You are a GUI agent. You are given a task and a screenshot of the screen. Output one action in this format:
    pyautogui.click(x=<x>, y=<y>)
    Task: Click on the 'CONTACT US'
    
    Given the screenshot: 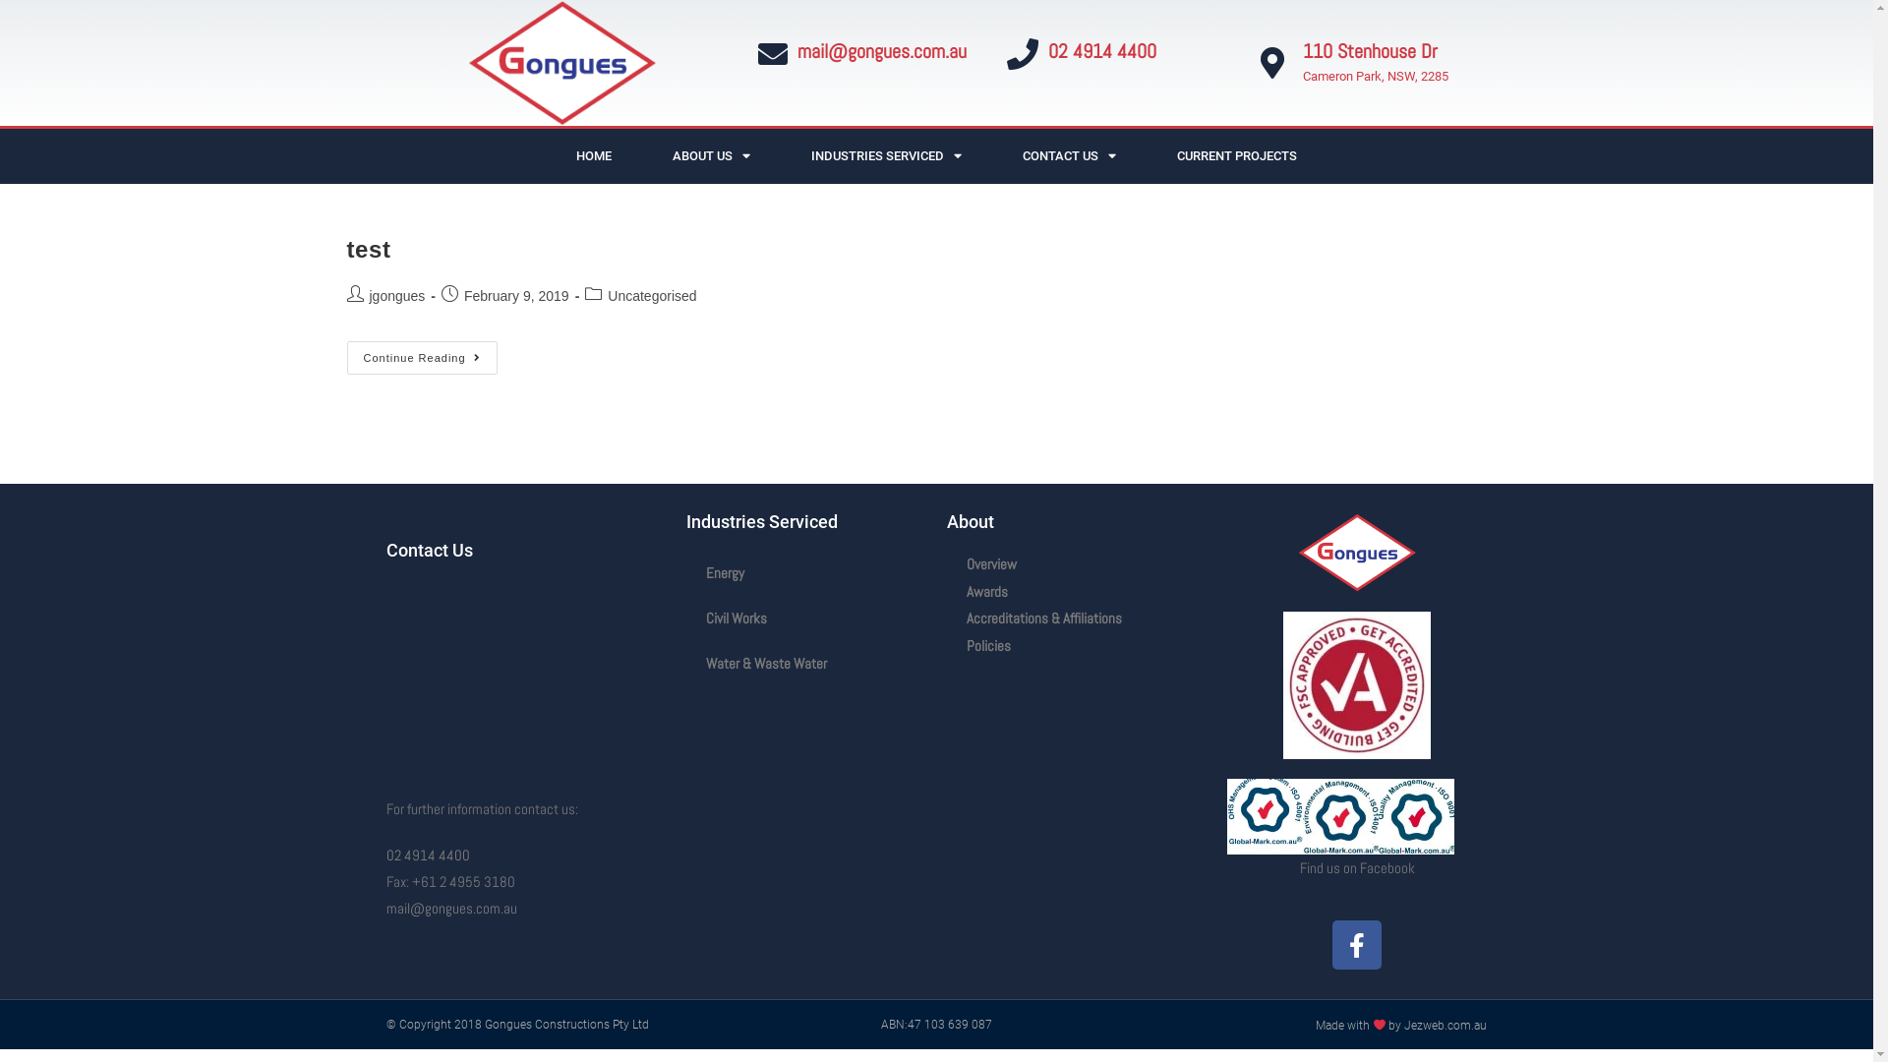 What is the action you would take?
    pyautogui.click(x=1068, y=154)
    